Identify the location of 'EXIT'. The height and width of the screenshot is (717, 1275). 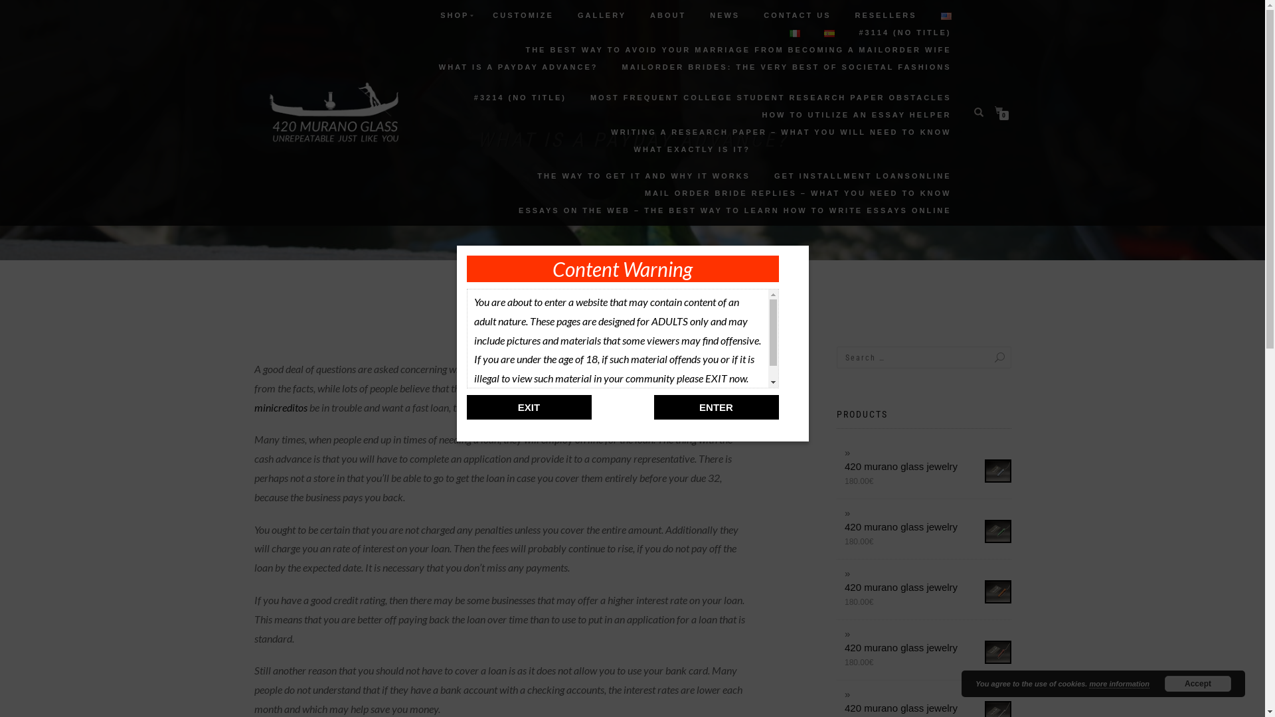
(528, 406).